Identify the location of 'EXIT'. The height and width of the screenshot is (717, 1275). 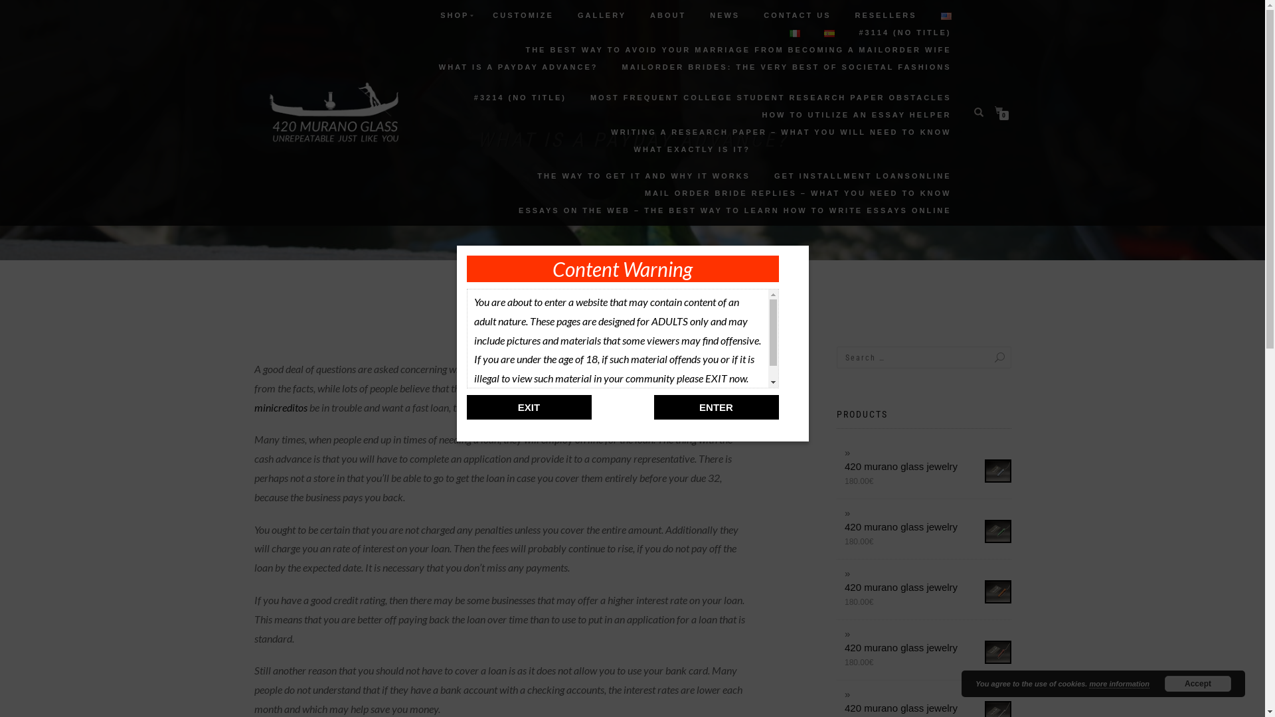
(528, 406).